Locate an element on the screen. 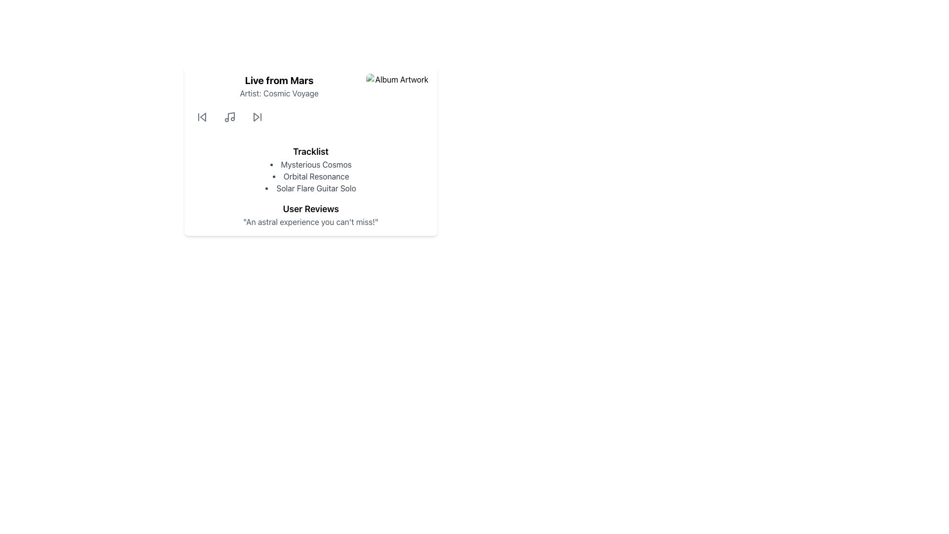 The image size is (949, 534). the 'previous' button located at the left-most side of the media control buttons to skip to the previous track is located at coordinates (201, 116).